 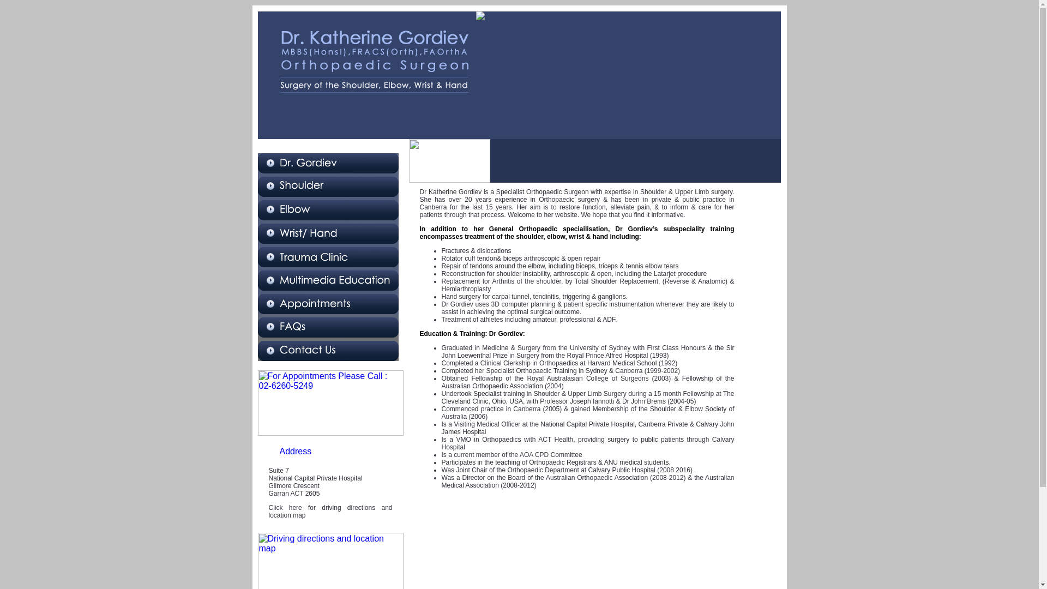 What do you see at coordinates (285, 507) in the screenshot?
I see `'Click here'` at bounding box center [285, 507].